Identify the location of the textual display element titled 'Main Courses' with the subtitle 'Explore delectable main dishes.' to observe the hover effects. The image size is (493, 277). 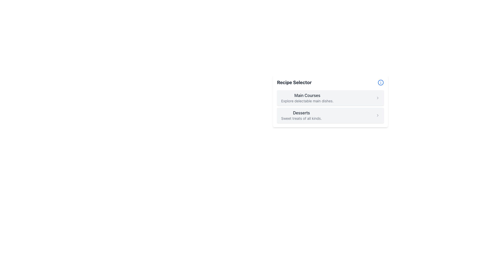
(307, 98).